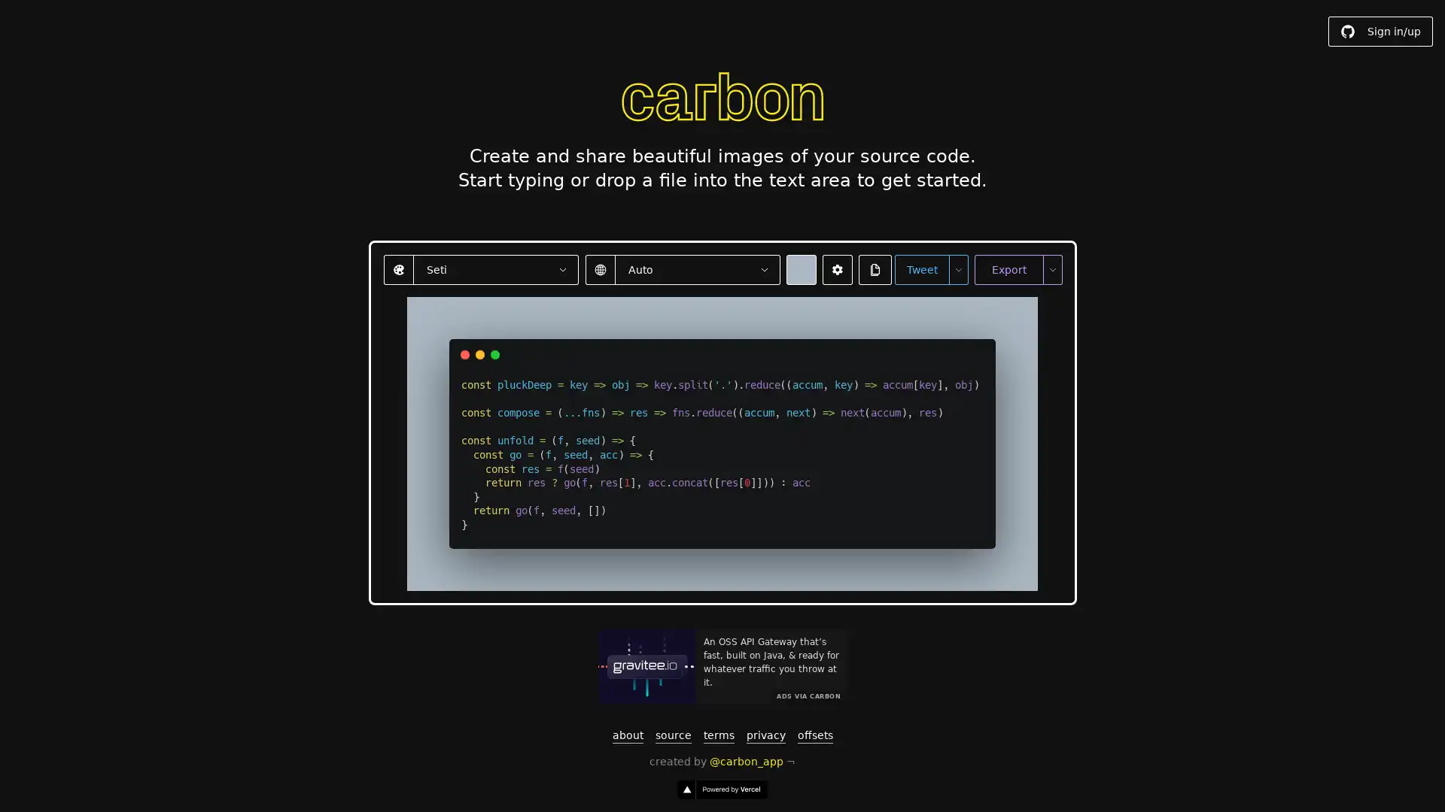  What do you see at coordinates (1008, 268) in the screenshot?
I see `Quick export Export` at bounding box center [1008, 268].